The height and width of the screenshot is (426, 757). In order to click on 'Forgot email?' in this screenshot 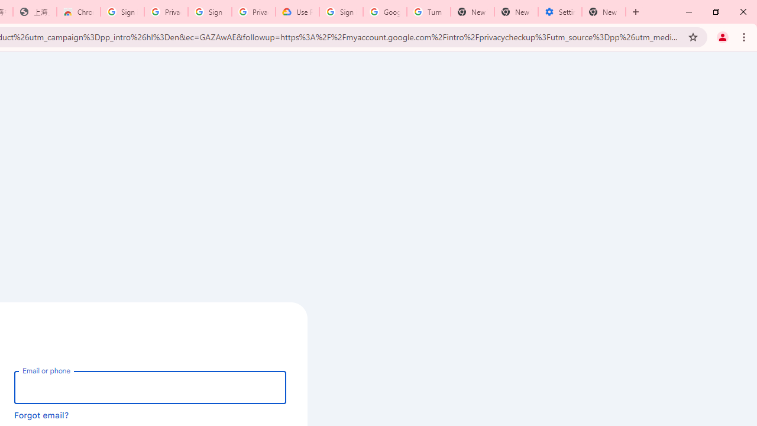, I will do `click(41, 414)`.